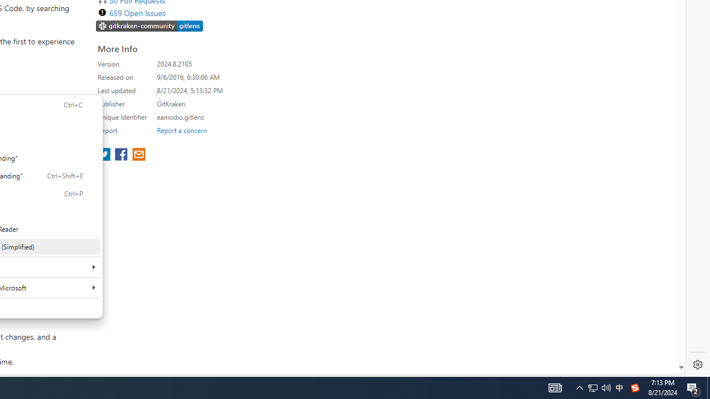  What do you see at coordinates (122, 155) in the screenshot?
I see `'share extension on facebook'` at bounding box center [122, 155].